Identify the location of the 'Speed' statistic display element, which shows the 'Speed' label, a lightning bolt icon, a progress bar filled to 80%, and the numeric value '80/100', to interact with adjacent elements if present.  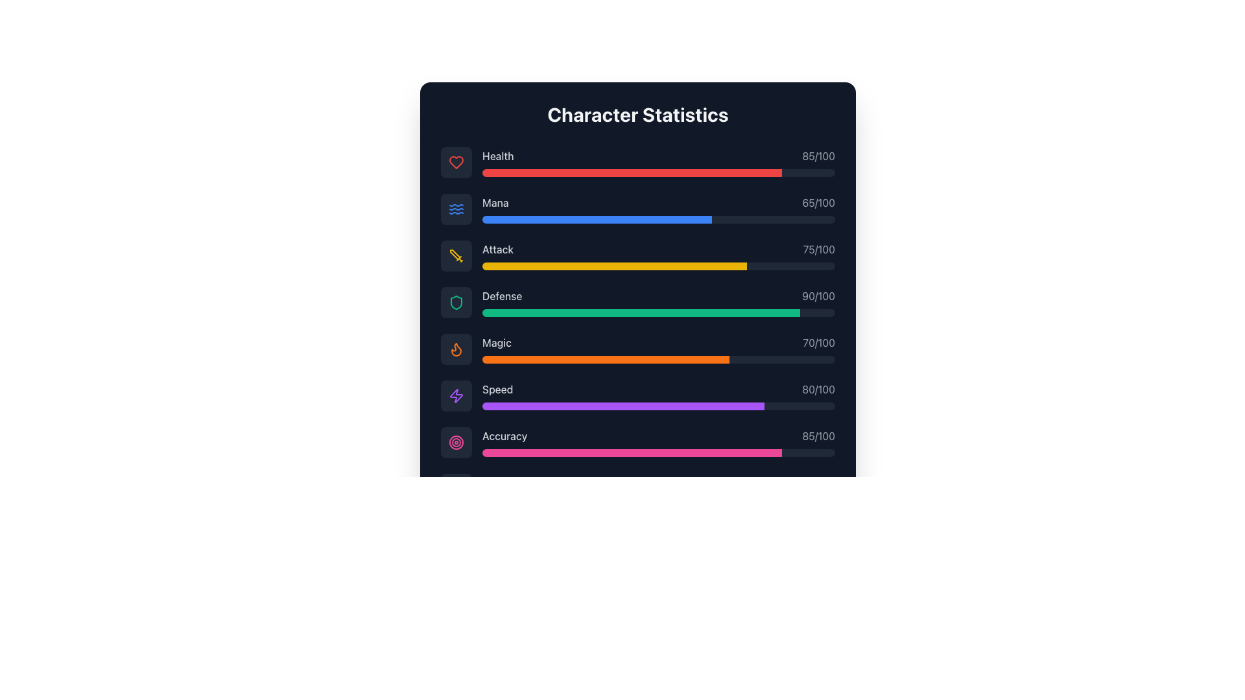
(637, 395).